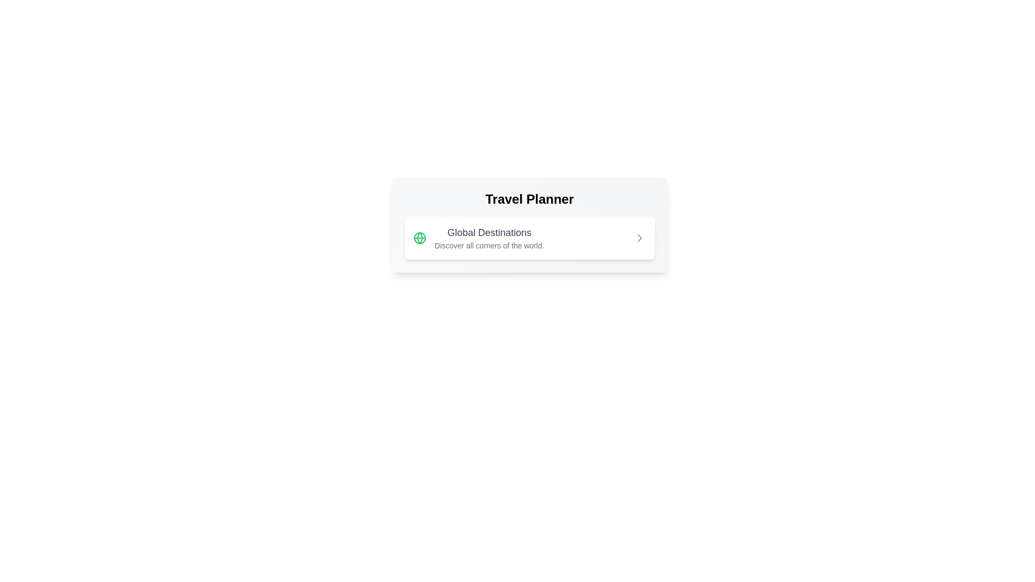 The image size is (1035, 582). Describe the element at coordinates (488, 245) in the screenshot. I see `the text label that reads 'Discover all corners of the world.', which is positioned below the title 'Global Destinations'` at that location.